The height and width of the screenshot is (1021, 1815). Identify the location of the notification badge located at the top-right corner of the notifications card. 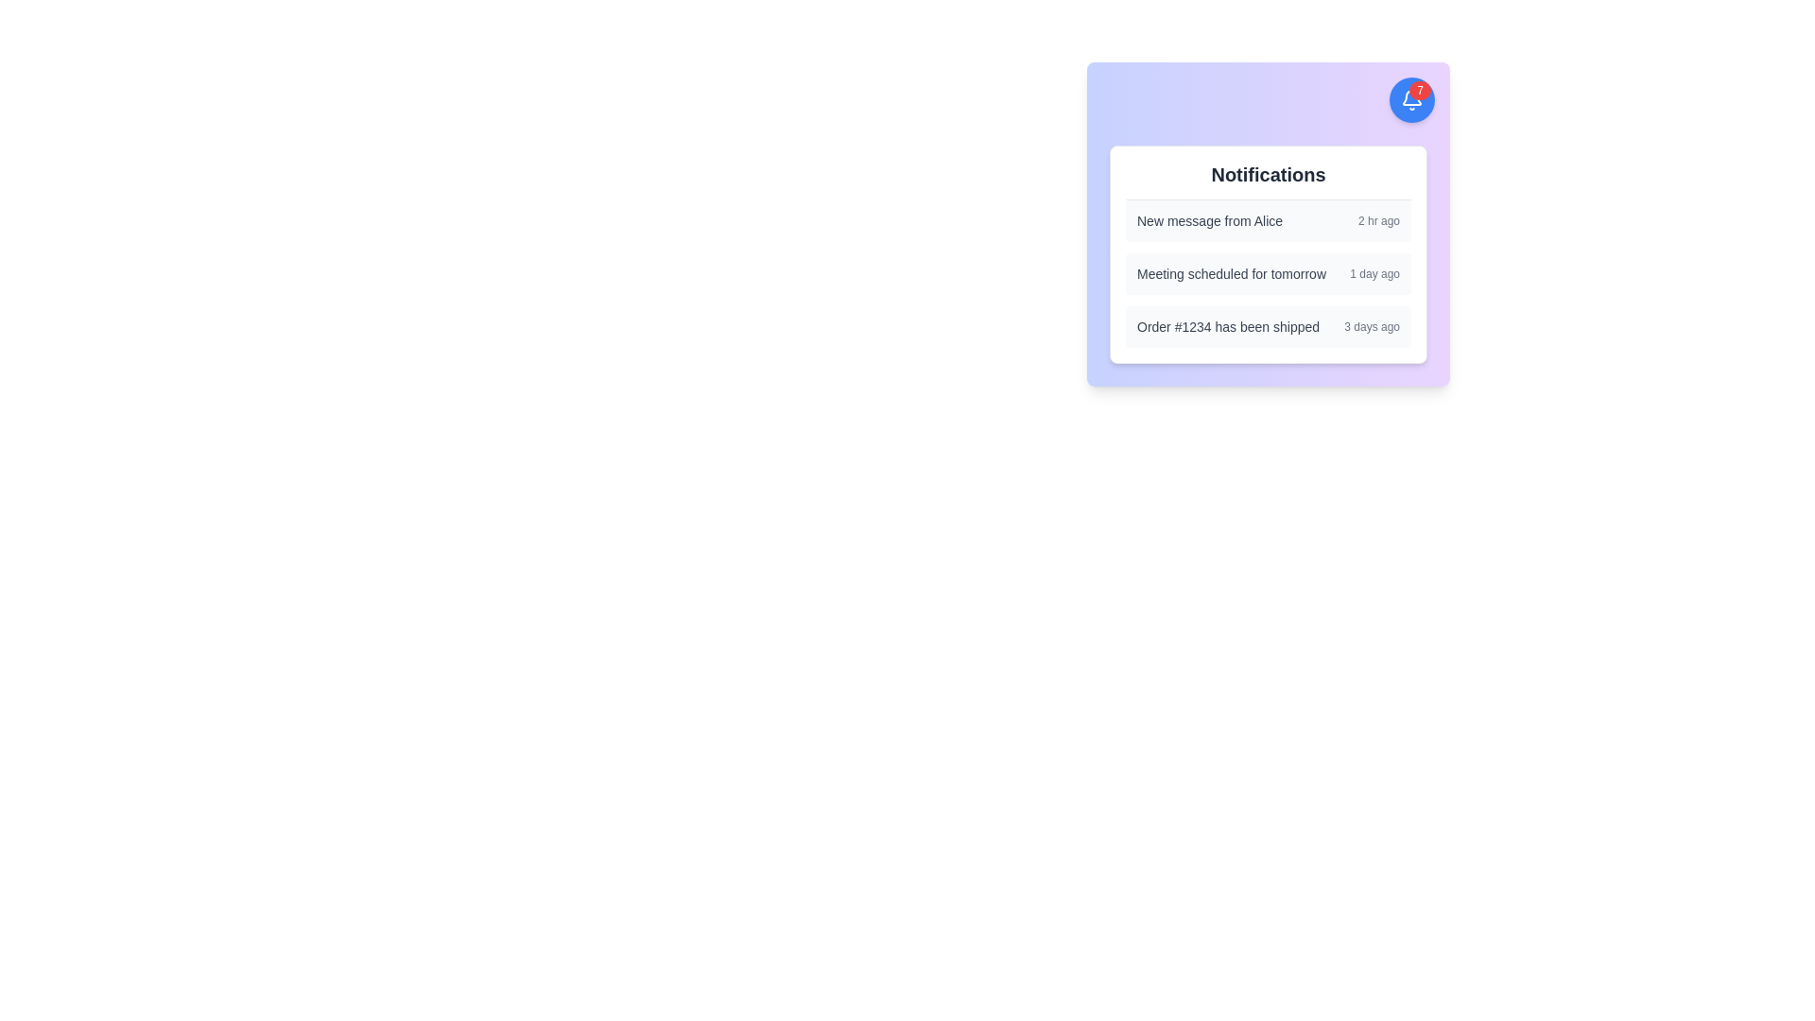
(1411, 99).